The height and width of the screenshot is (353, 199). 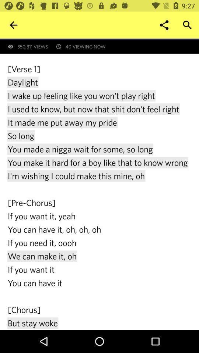 I want to click on the item above first revealed at item, so click(x=13, y=25).